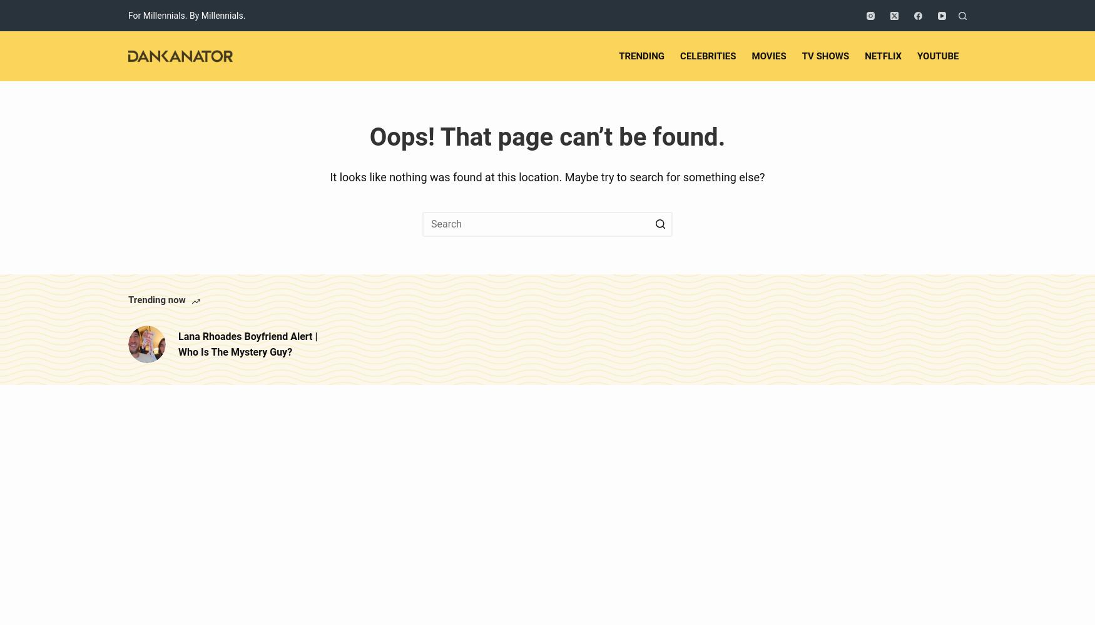 The width and height of the screenshot is (1095, 625). Describe the element at coordinates (547, 136) in the screenshot. I see `'Oops! That page can’t be found.'` at that location.